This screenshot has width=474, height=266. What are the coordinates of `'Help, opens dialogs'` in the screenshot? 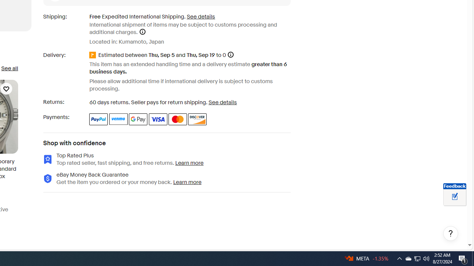 It's located at (450, 233).